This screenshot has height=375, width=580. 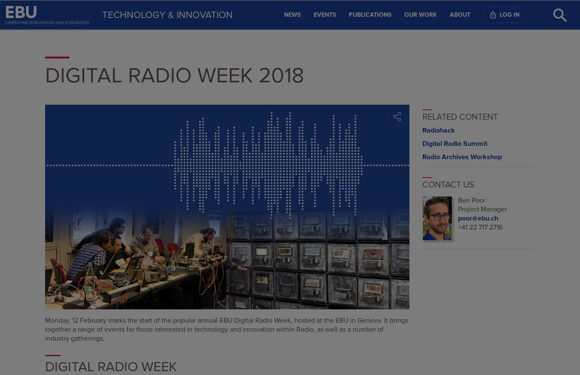 I want to click on '+41 22 717 2716', so click(x=479, y=227).